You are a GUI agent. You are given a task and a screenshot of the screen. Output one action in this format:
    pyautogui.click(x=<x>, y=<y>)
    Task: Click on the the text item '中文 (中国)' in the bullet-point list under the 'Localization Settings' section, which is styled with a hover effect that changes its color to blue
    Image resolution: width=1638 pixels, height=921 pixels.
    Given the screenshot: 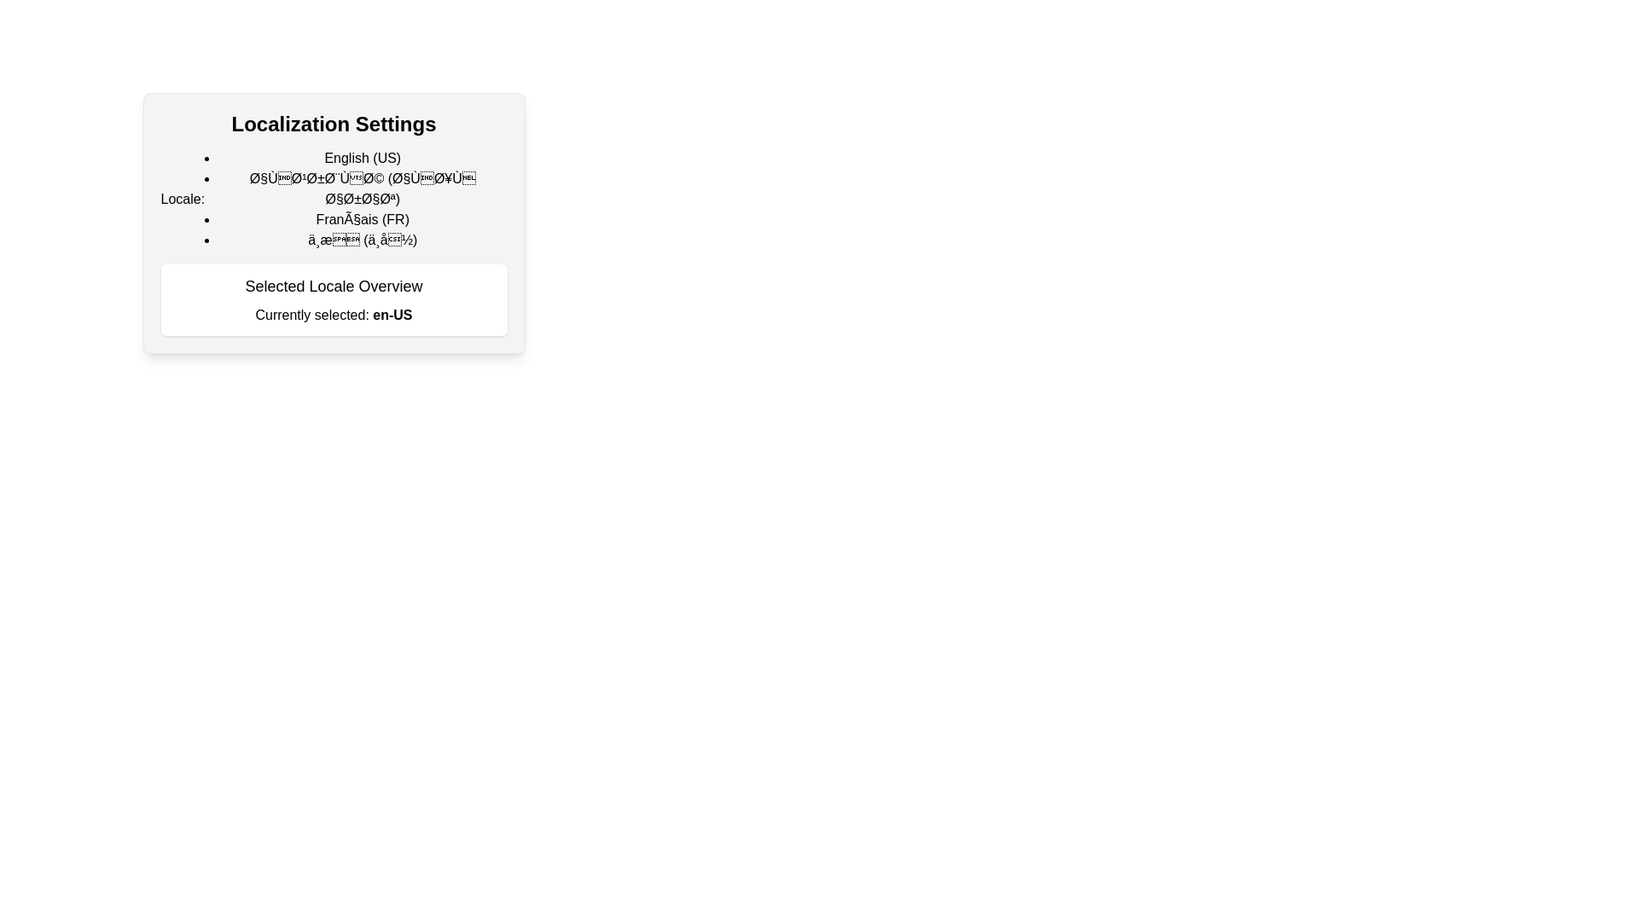 What is the action you would take?
    pyautogui.click(x=362, y=240)
    